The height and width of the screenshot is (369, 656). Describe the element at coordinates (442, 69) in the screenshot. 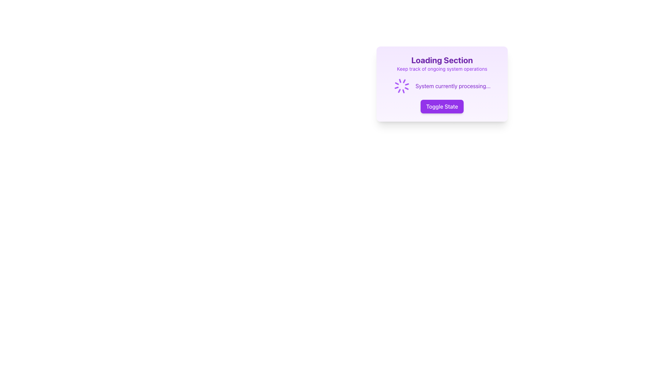

I see `the text label styled in small font size and colored purple, which contains the text 'Keep track of ongoing system operations', located below the 'Loading Section'` at that location.